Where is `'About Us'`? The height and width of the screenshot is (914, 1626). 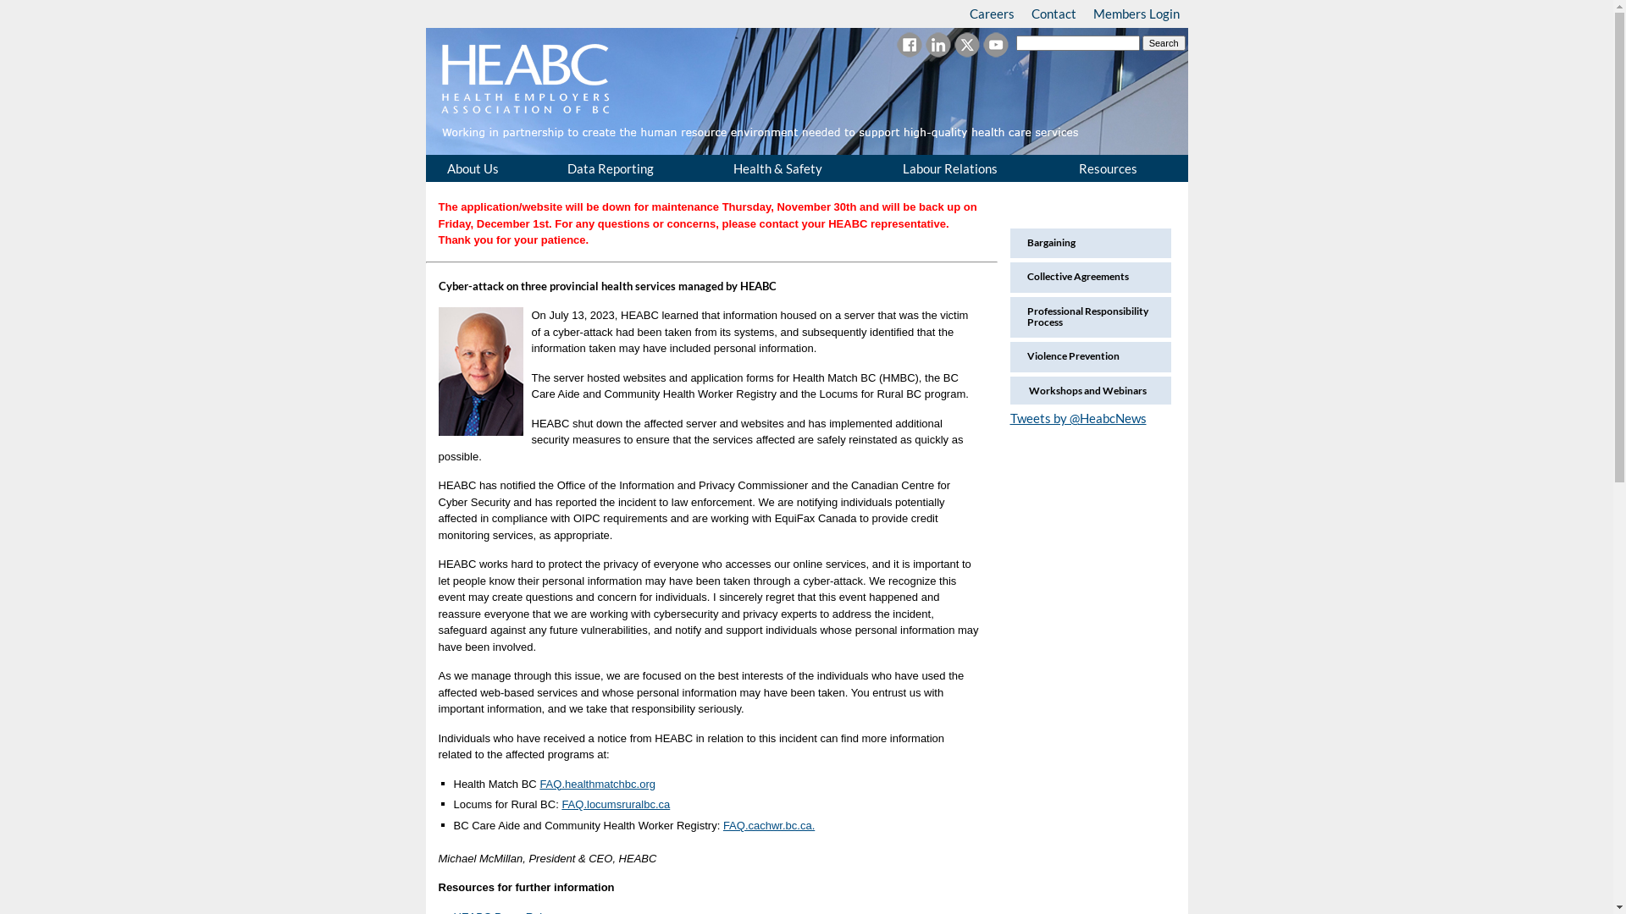 'About Us' is located at coordinates (425, 168).